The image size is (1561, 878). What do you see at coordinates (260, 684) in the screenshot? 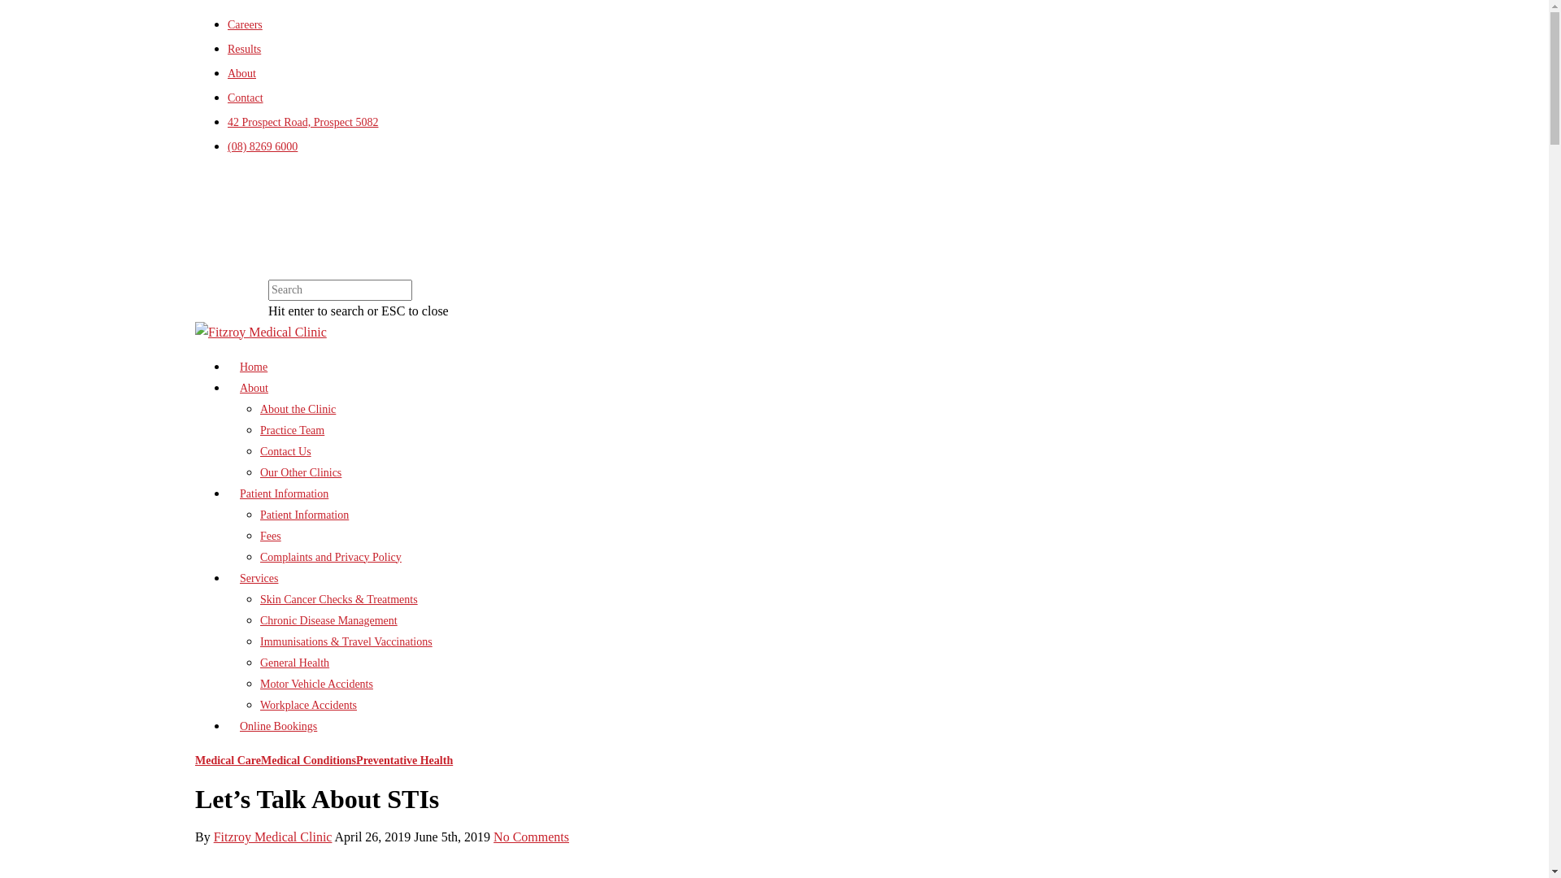
I see `'Motor Vehicle Accidents'` at bounding box center [260, 684].